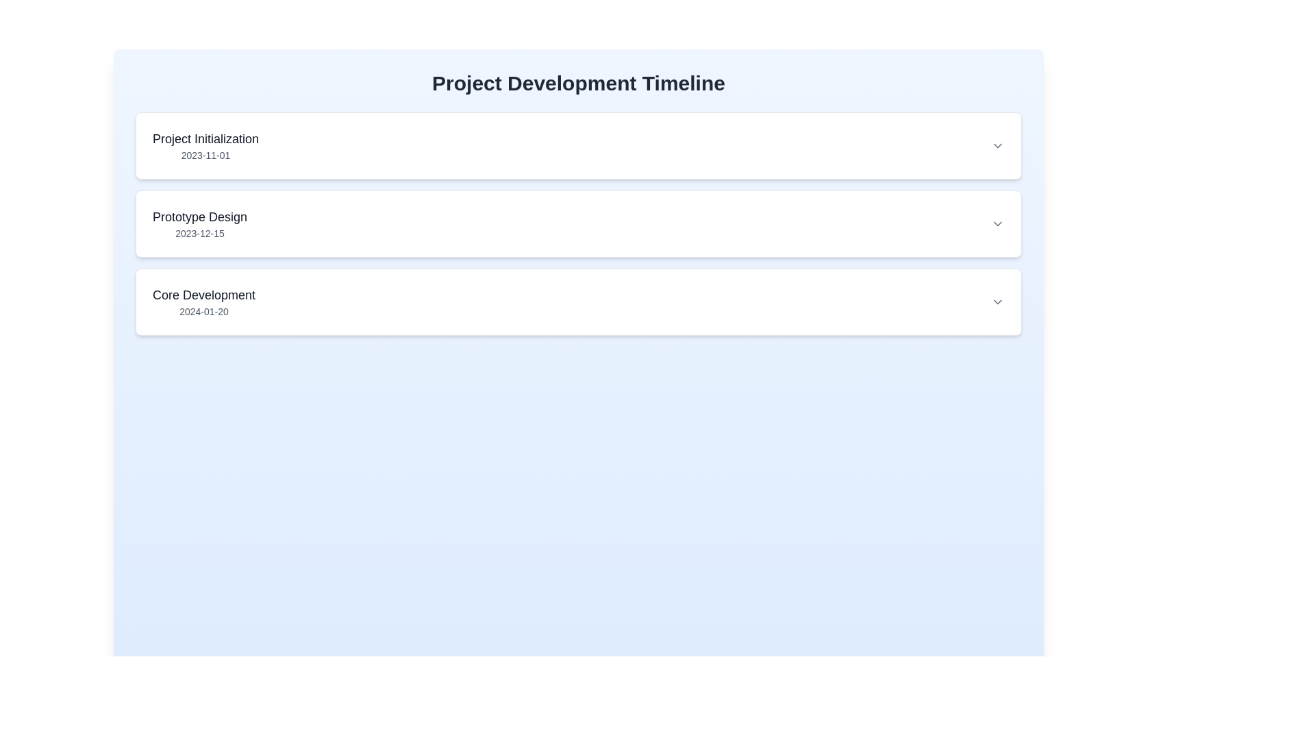 The height and width of the screenshot is (740, 1315). I want to click on the text label titled 'Core Development' located in the 'Project Development Timeline' section, specifically in the third entry of the list, so click(203, 295).